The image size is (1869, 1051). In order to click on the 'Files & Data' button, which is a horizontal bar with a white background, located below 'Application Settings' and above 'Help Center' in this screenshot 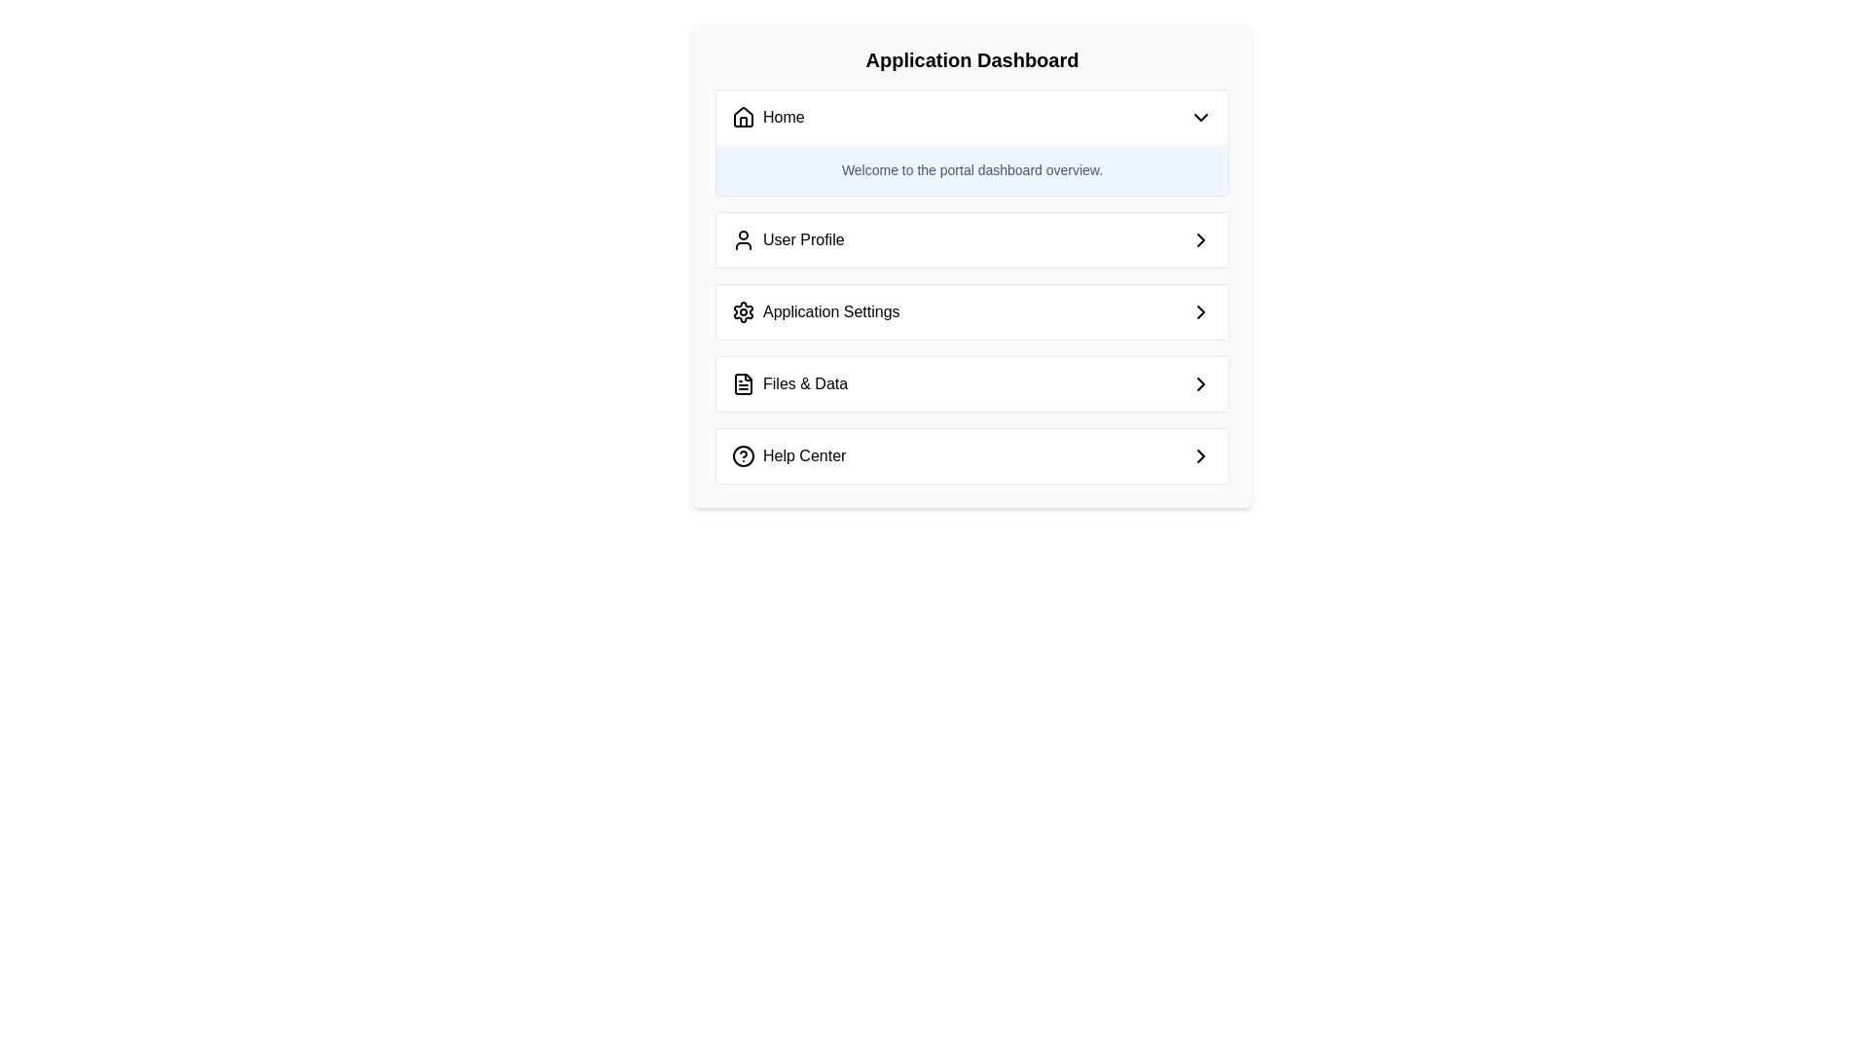, I will do `click(971, 383)`.